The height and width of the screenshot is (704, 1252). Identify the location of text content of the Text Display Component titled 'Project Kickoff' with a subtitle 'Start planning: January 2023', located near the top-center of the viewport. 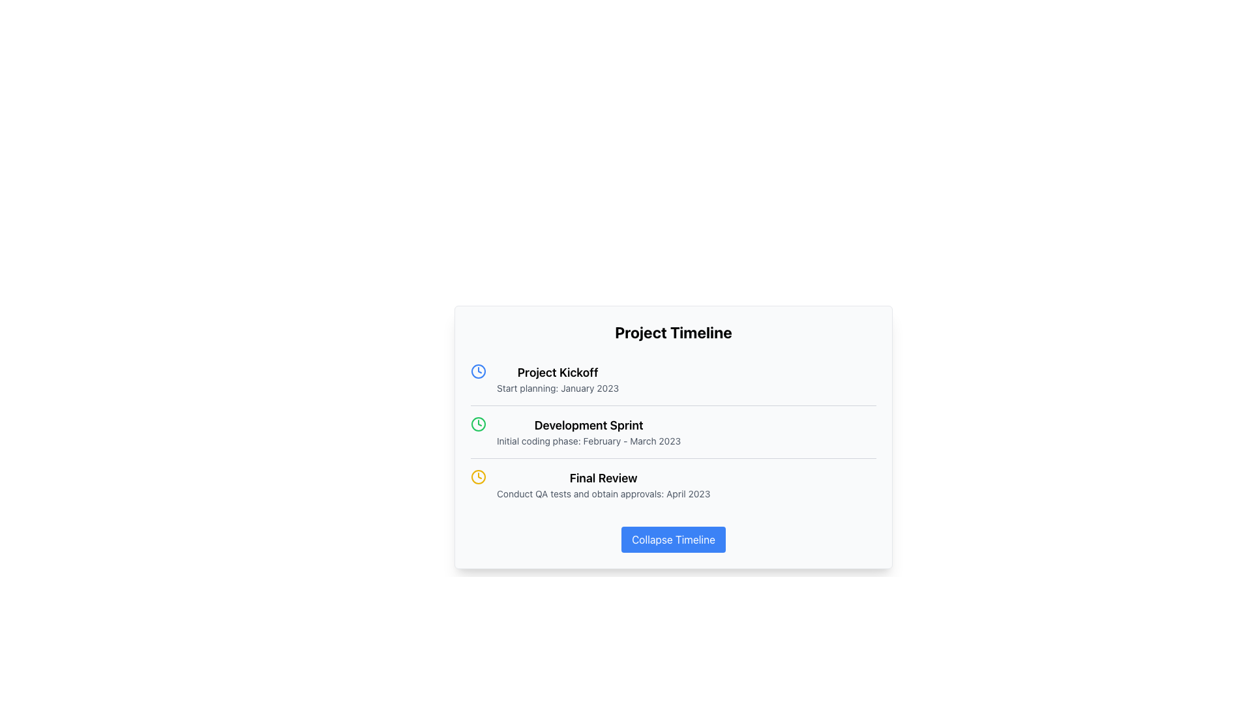
(558, 379).